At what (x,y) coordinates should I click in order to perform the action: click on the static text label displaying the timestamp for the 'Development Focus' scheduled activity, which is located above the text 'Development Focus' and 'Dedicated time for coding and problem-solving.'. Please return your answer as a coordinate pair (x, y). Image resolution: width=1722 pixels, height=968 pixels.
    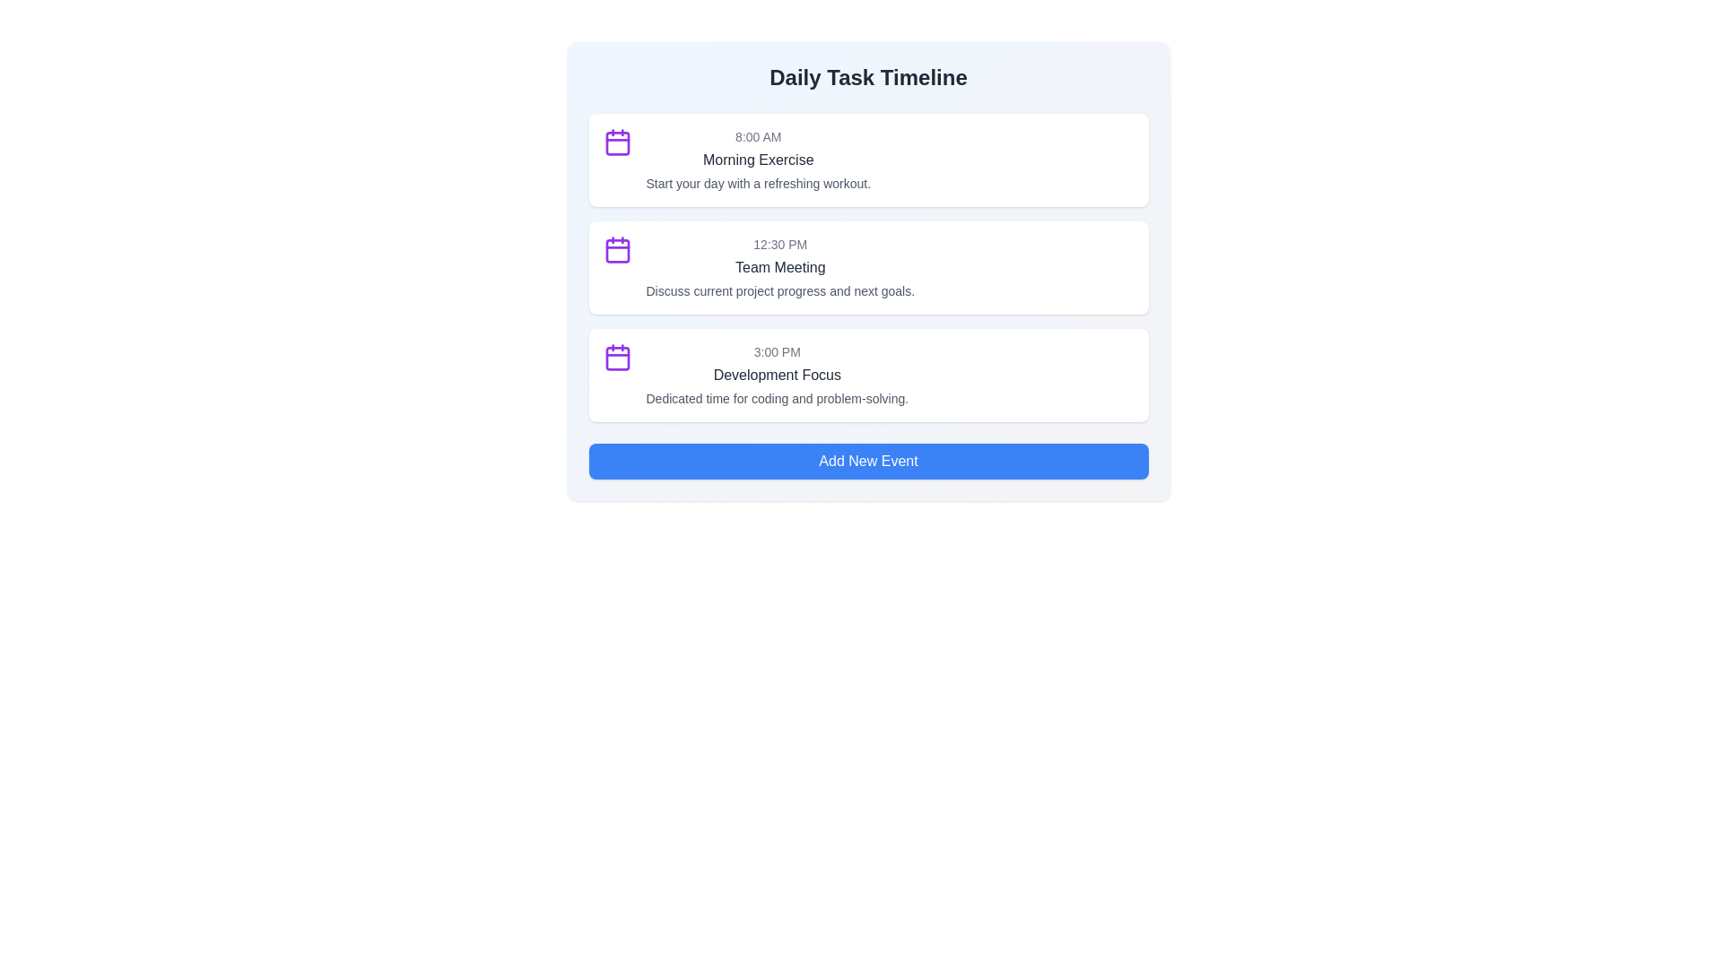
    Looking at the image, I should click on (777, 352).